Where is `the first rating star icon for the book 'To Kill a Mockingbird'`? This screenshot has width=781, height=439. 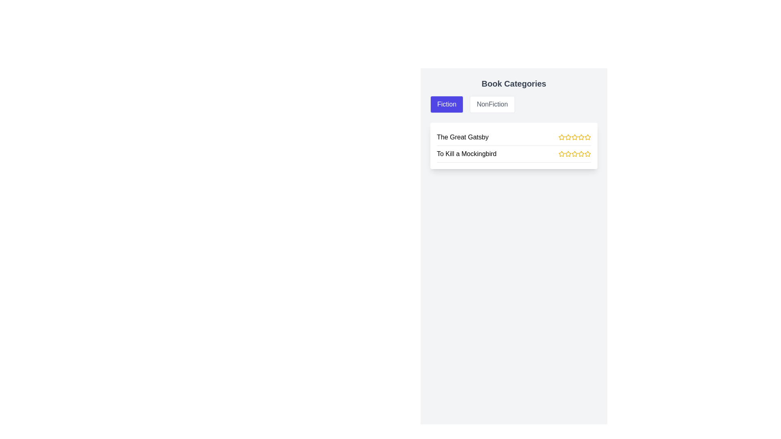 the first rating star icon for the book 'To Kill a Mockingbird' is located at coordinates (561, 154).